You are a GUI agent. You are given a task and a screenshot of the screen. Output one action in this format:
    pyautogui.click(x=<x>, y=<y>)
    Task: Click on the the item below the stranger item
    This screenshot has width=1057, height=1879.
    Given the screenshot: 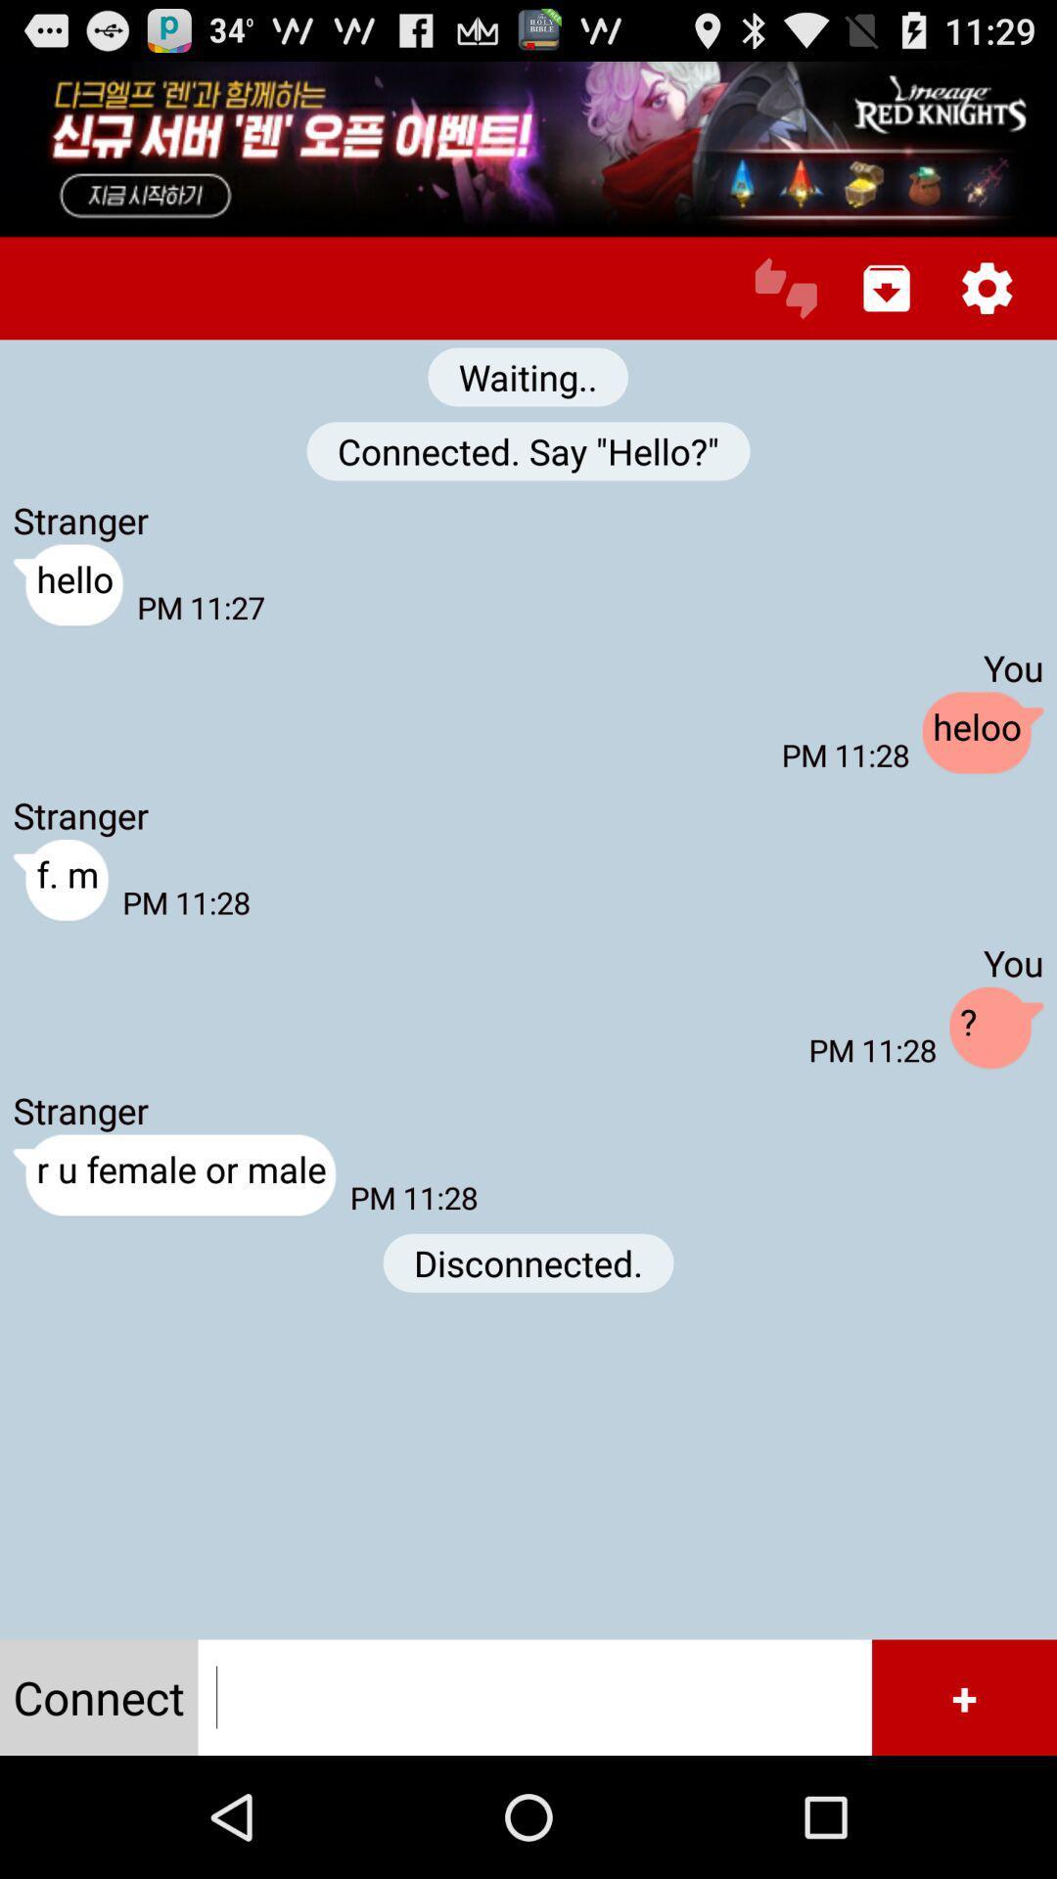 What is the action you would take?
    pyautogui.click(x=173, y=1175)
    